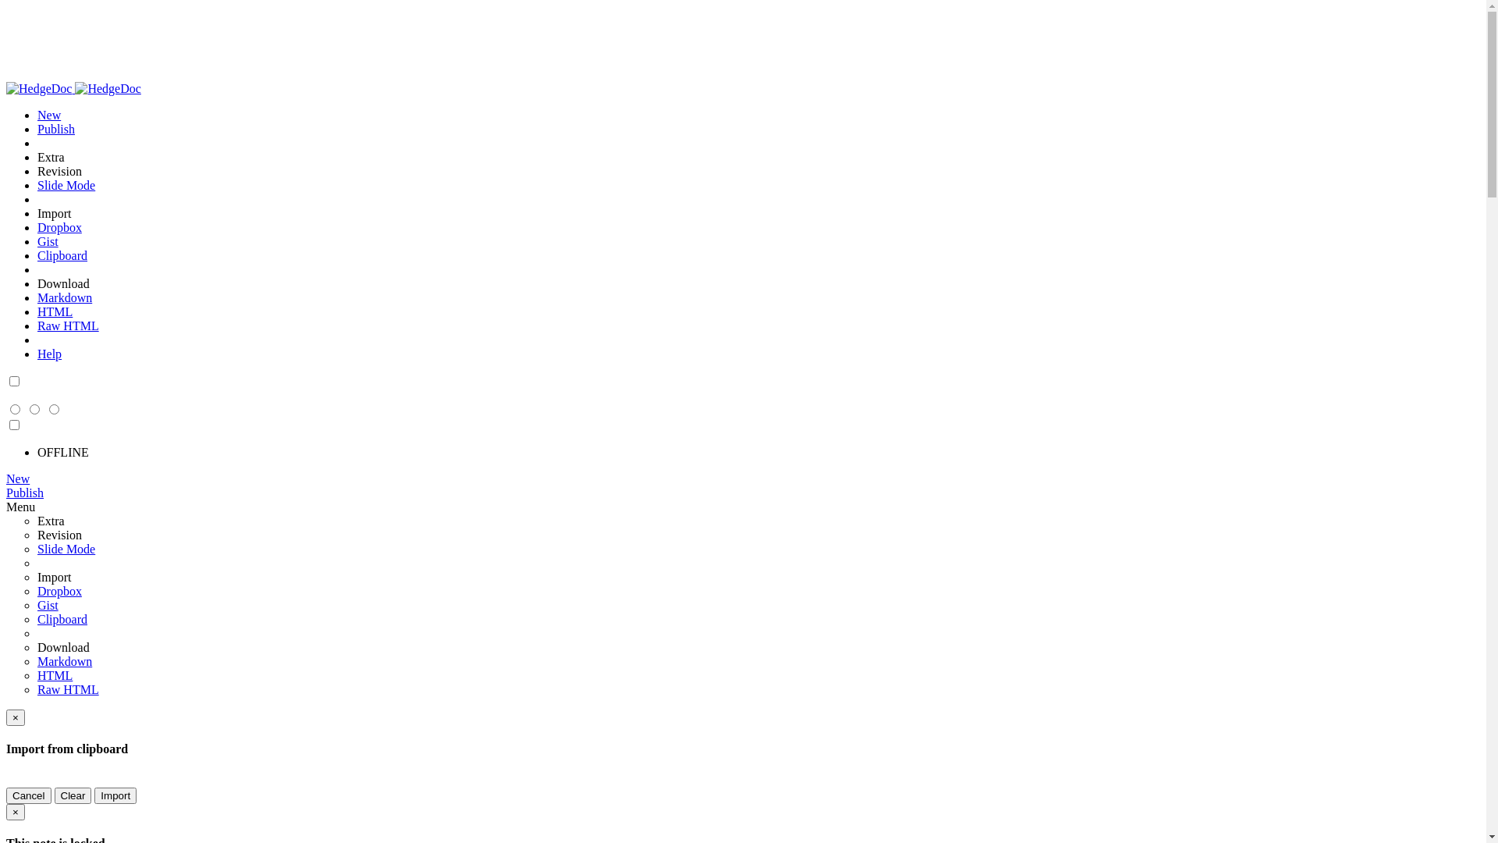 This screenshot has width=1498, height=843. Describe the element at coordinates (56, 128) in the screenshot. I see `'Publish'` at that location.